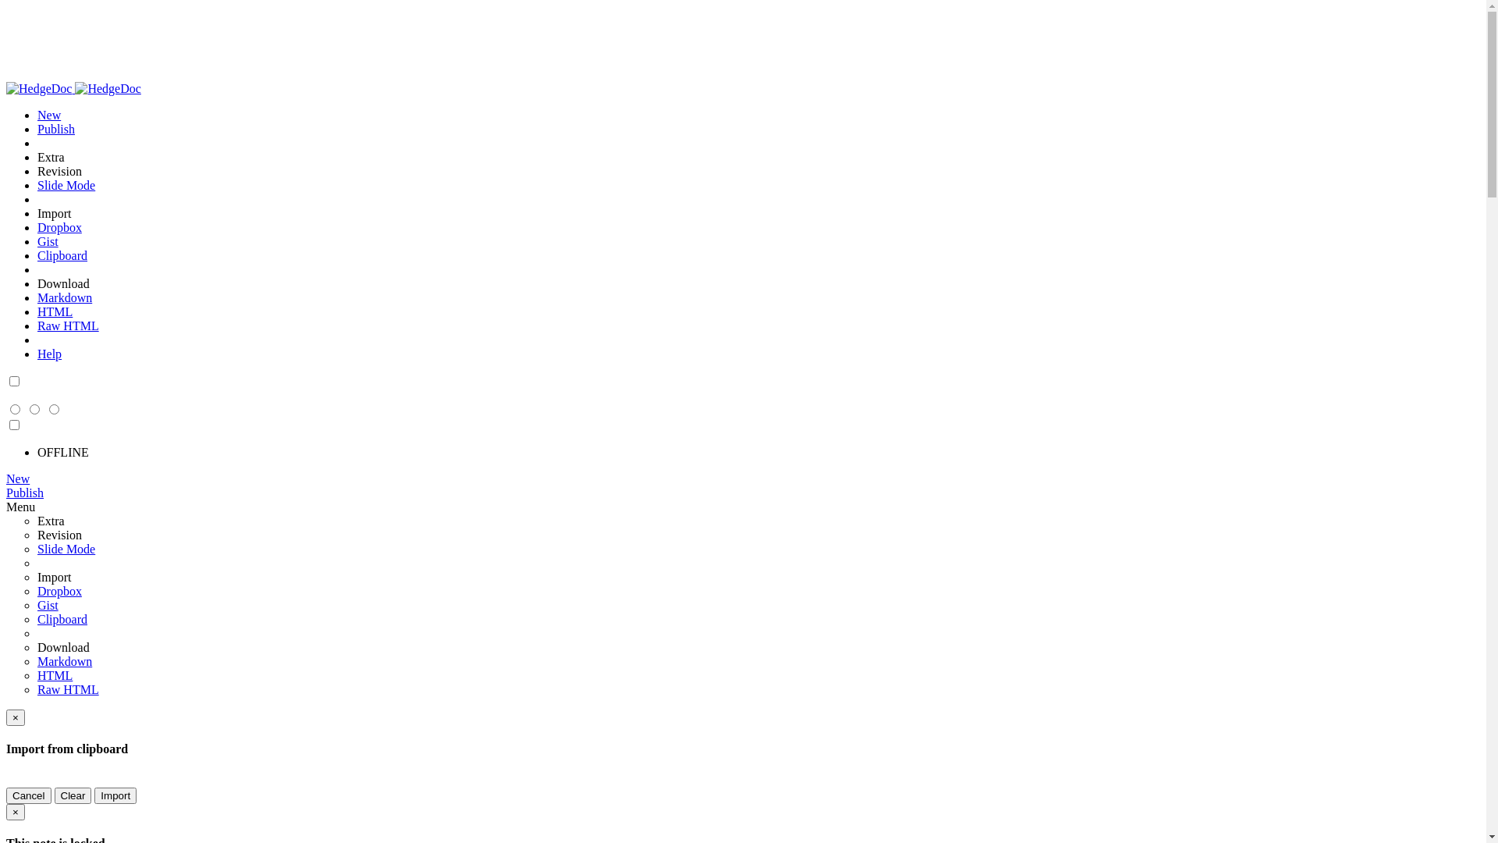 This screenshot has width=1498, height=843. Describe the element at coordinates (56, 128) in the screenshot. I see `'Publish'` at that location.